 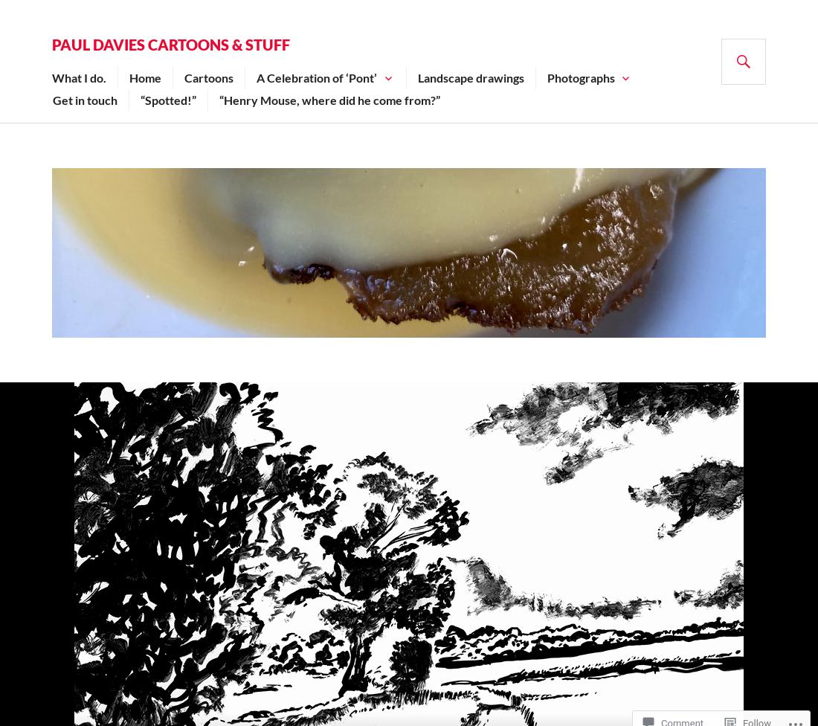 What do you see at coordinates (79, 77) in the screenshot?
I see `'What I do.'` at bounding box center [79, 77].